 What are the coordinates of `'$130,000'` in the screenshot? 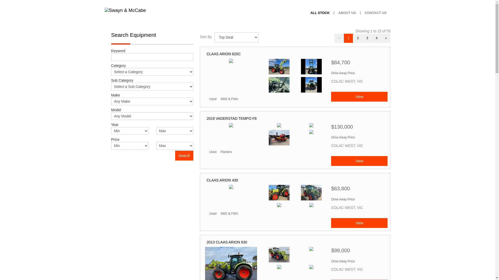 It's located at (359, 128).